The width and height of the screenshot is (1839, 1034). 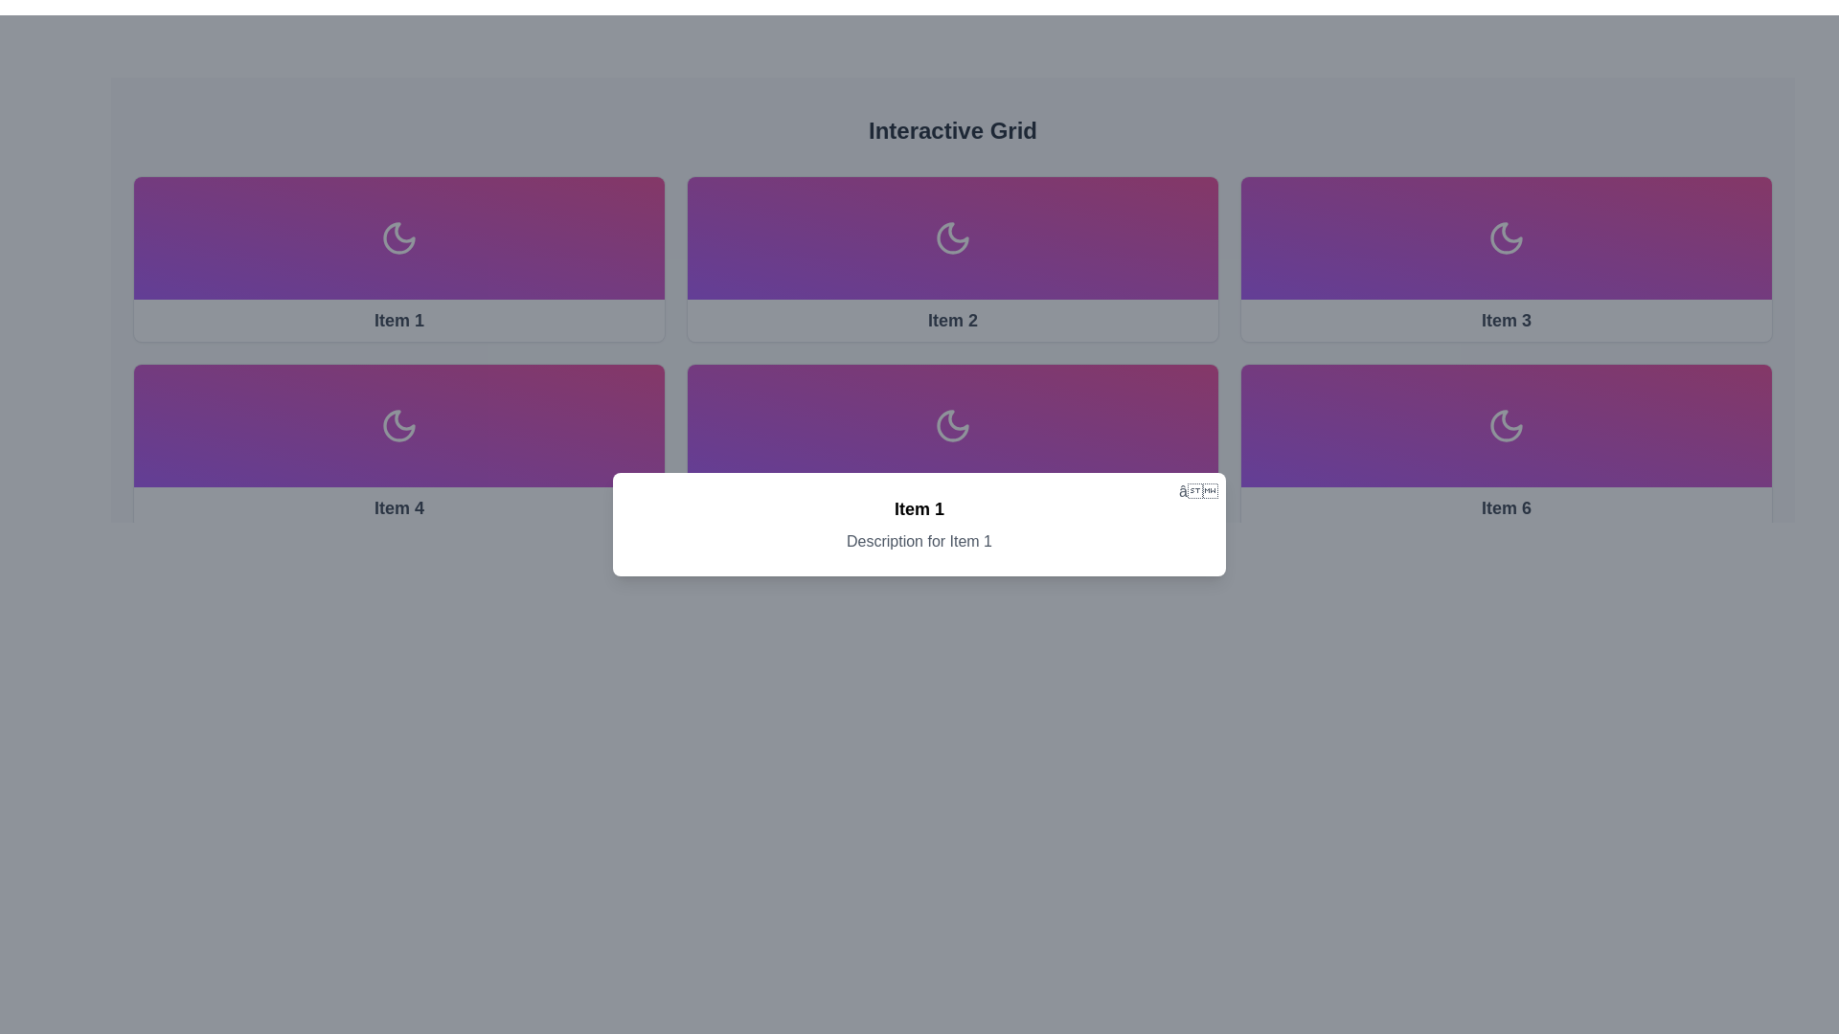 What do you see at coordinates (1506, 258) in the screenshot?
I see `the selectable card located in the third column of the top row in the grid` at bounding box center [1506, 258].